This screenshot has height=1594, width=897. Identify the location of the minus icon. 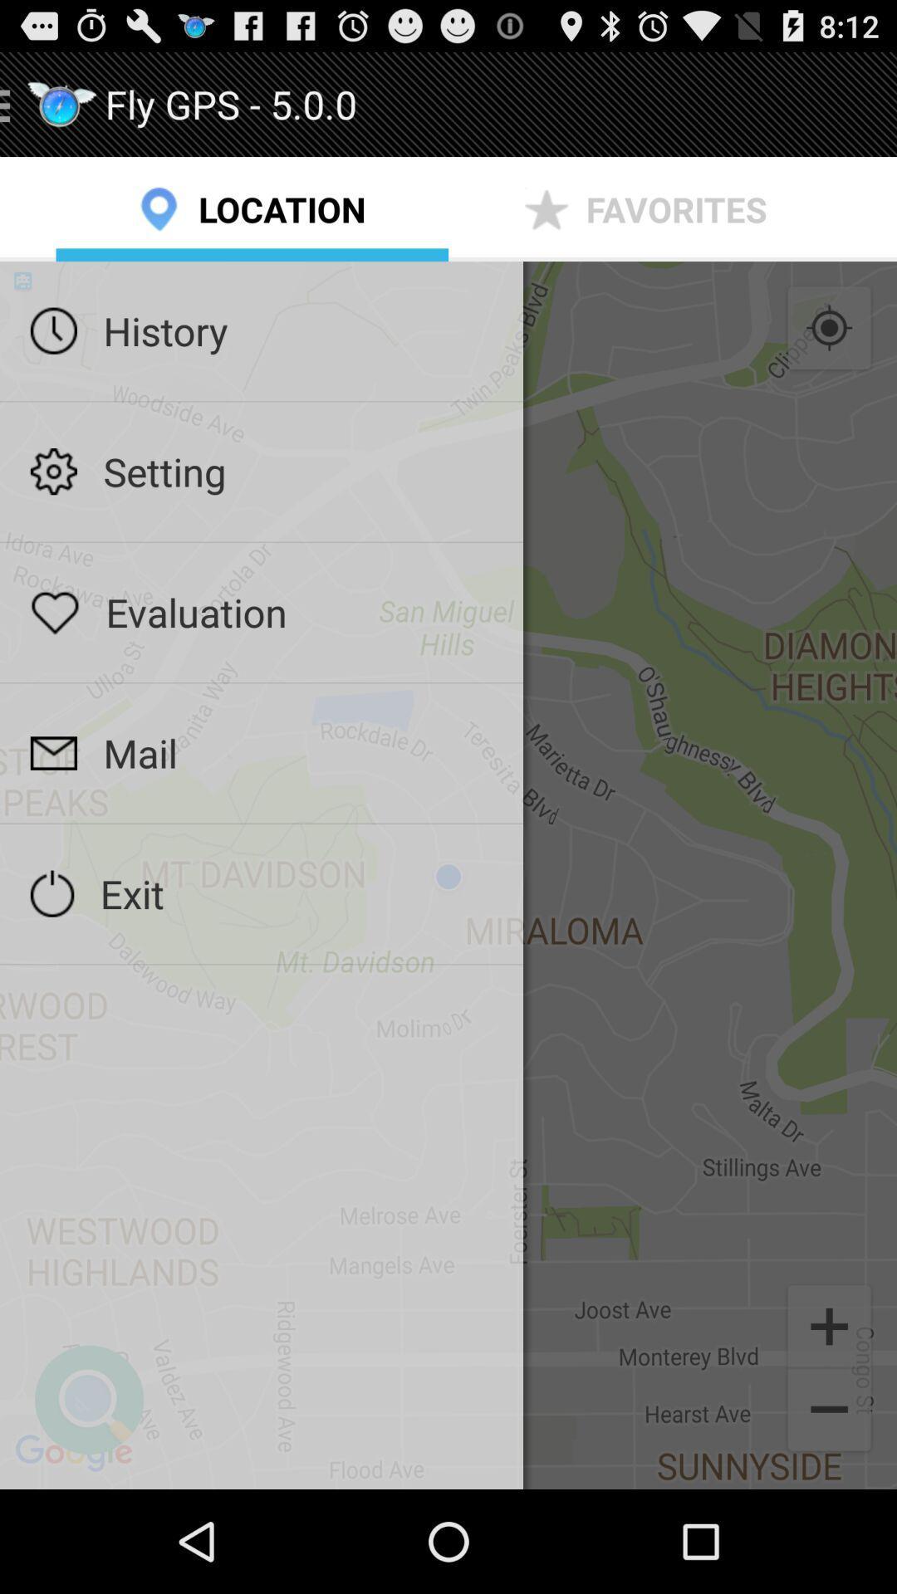
(829, 1511).